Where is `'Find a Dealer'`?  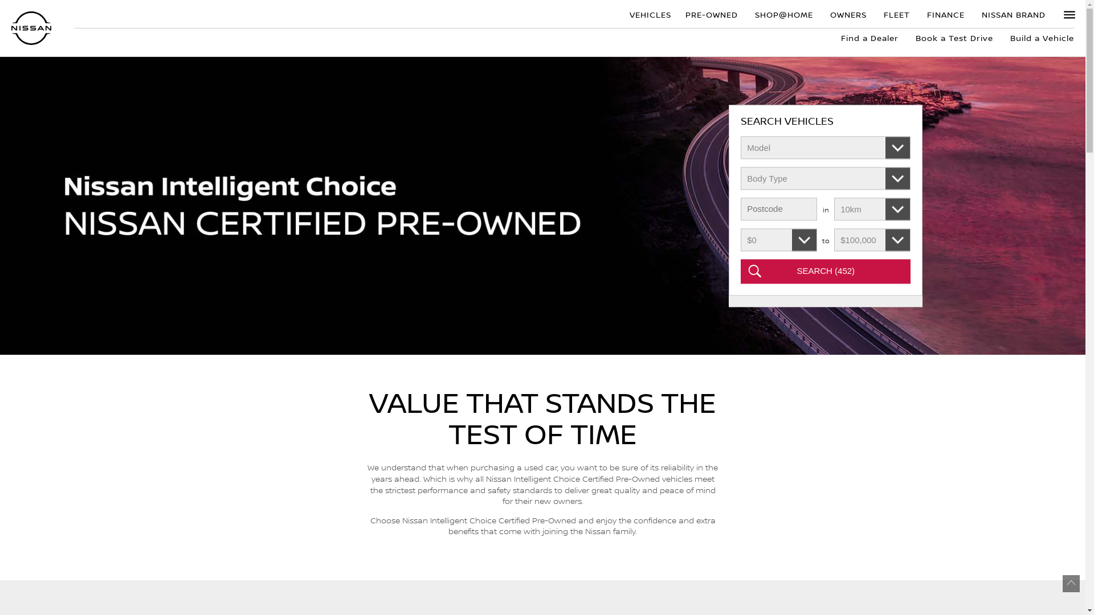 'Find a Dealer' is located at coordinates (869, 37).